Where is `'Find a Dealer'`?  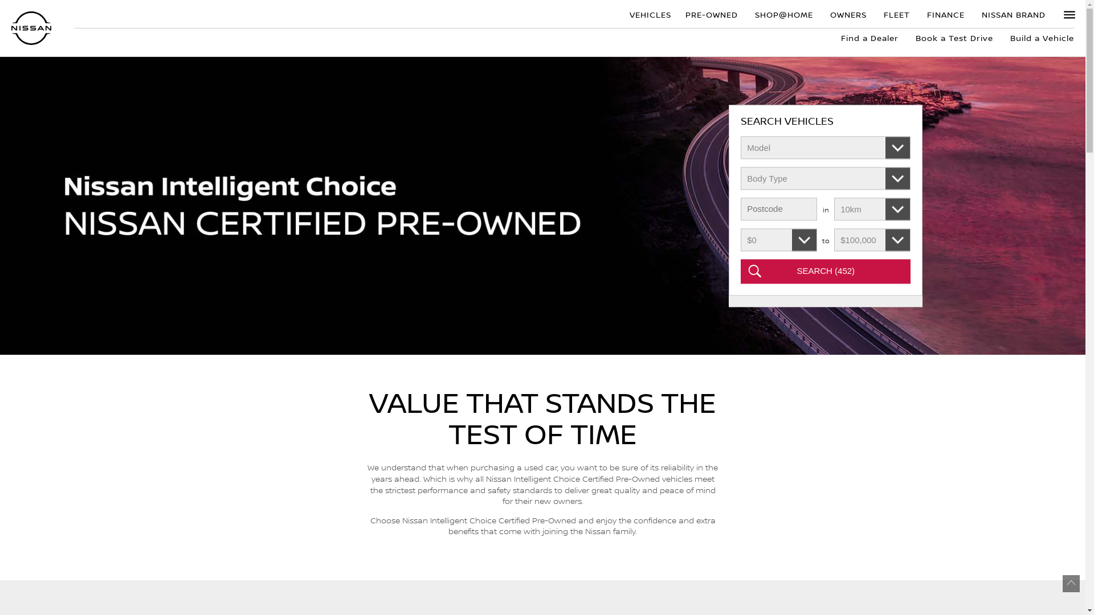 'Find a Dealer' is located at coordinates (869, 37).